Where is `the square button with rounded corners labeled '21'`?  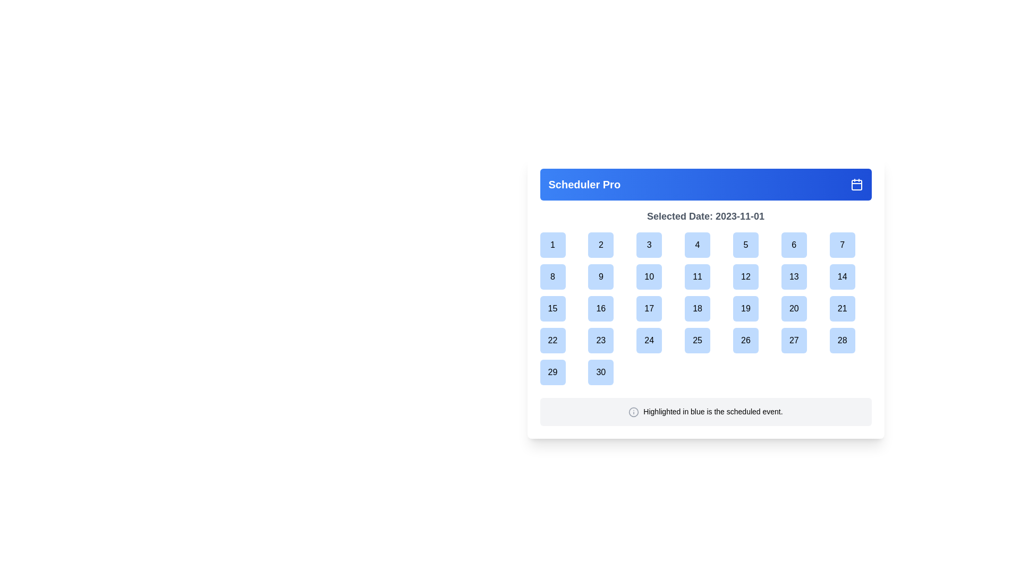
the square button with rounded corners labeled '21' is located at coordinates (851, 309).